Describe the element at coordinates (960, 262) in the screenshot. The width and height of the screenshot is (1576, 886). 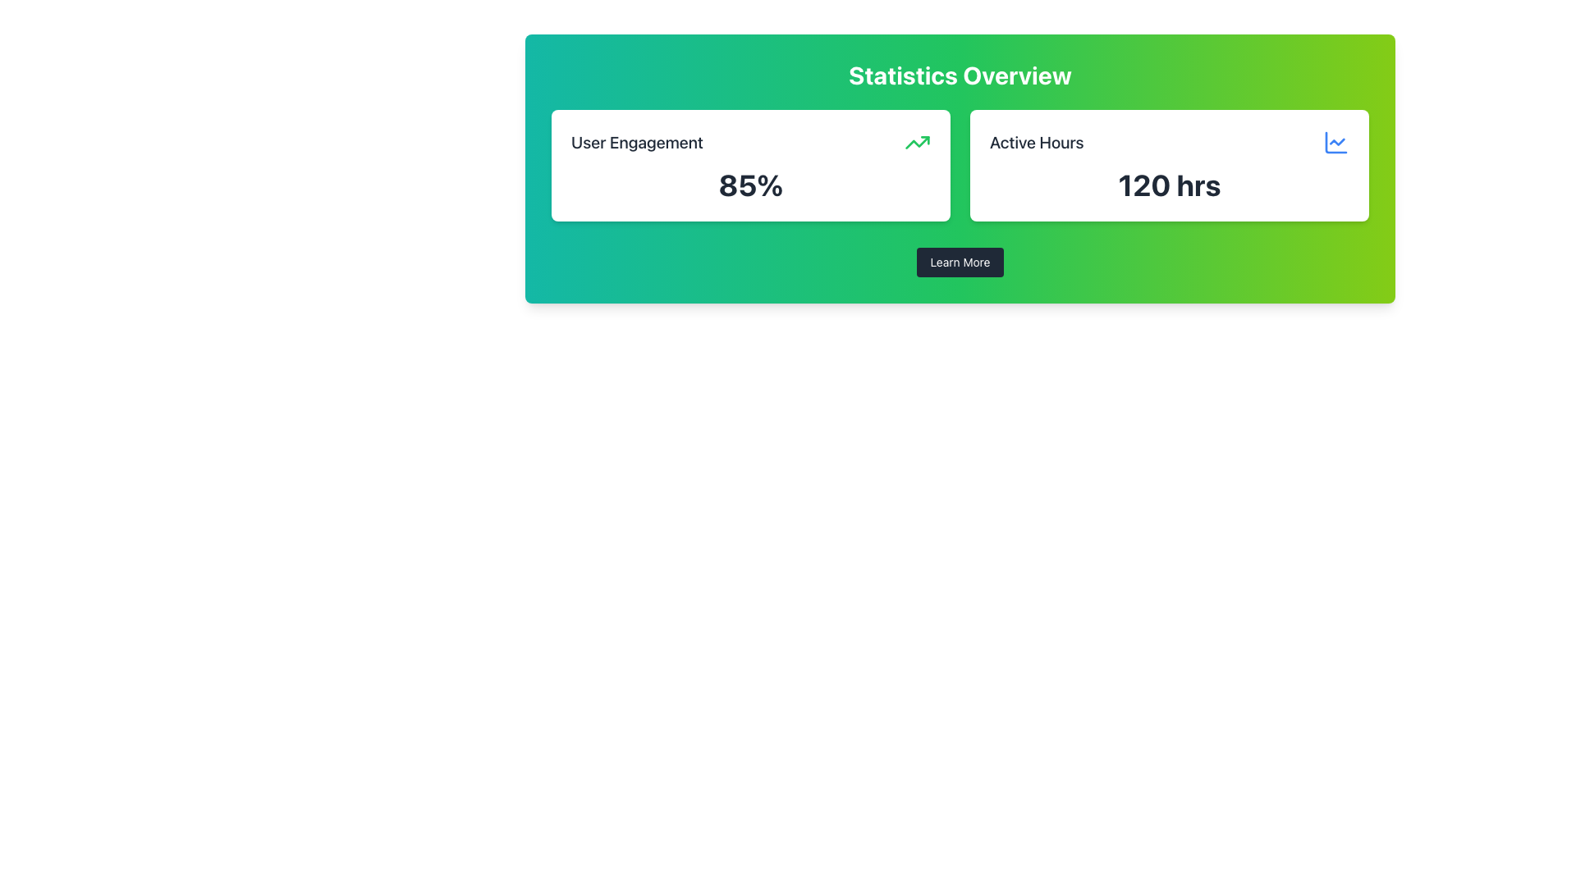
I see `the 'Learn More' button located below the 'Statistics Overview' panel` at that location.